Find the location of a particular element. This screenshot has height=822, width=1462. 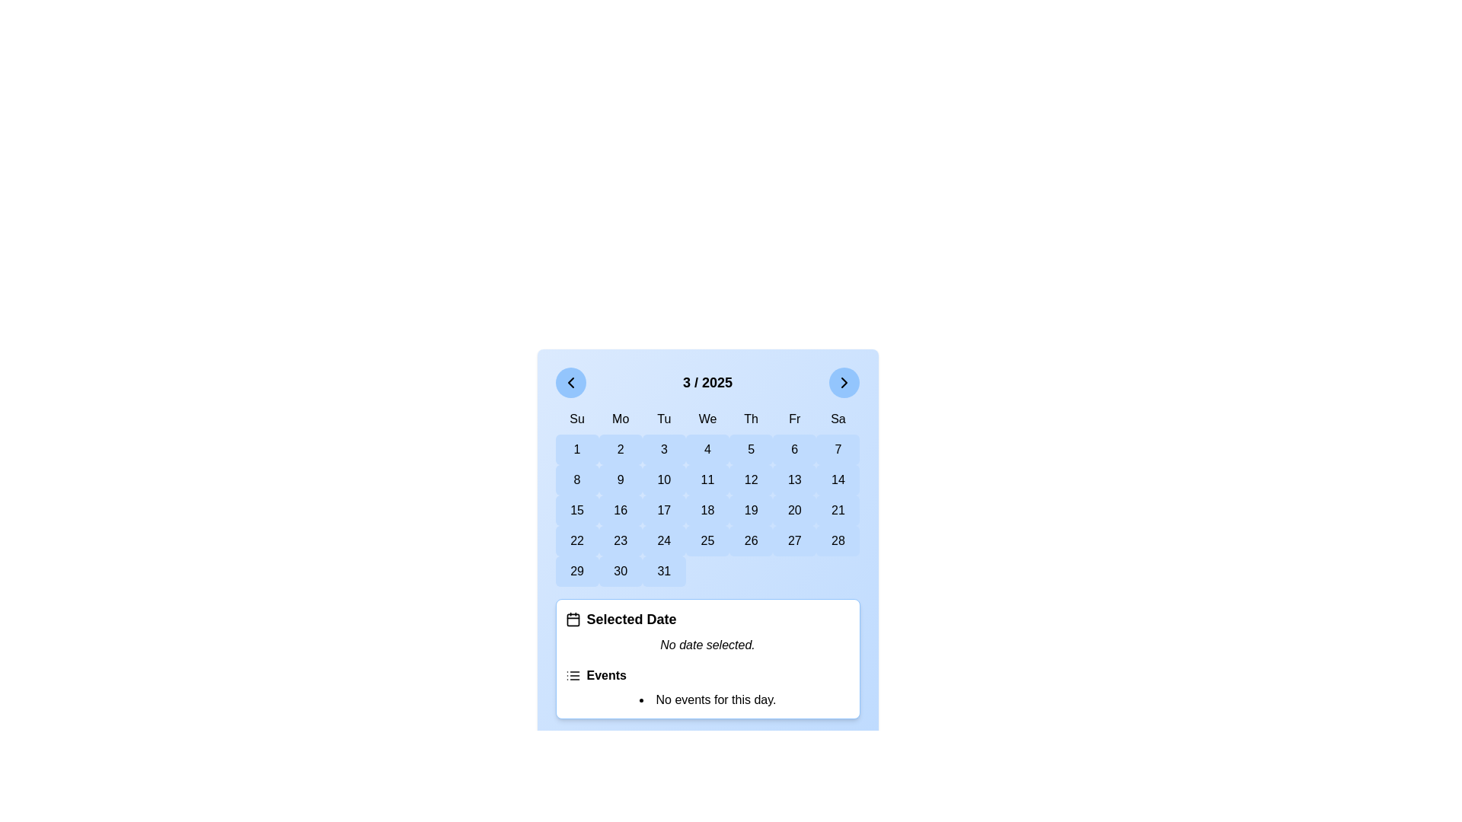

the leftward-pointing chevron icon located to the left of the calendar title '3 / 2025' is located at coordinates (570, 381).